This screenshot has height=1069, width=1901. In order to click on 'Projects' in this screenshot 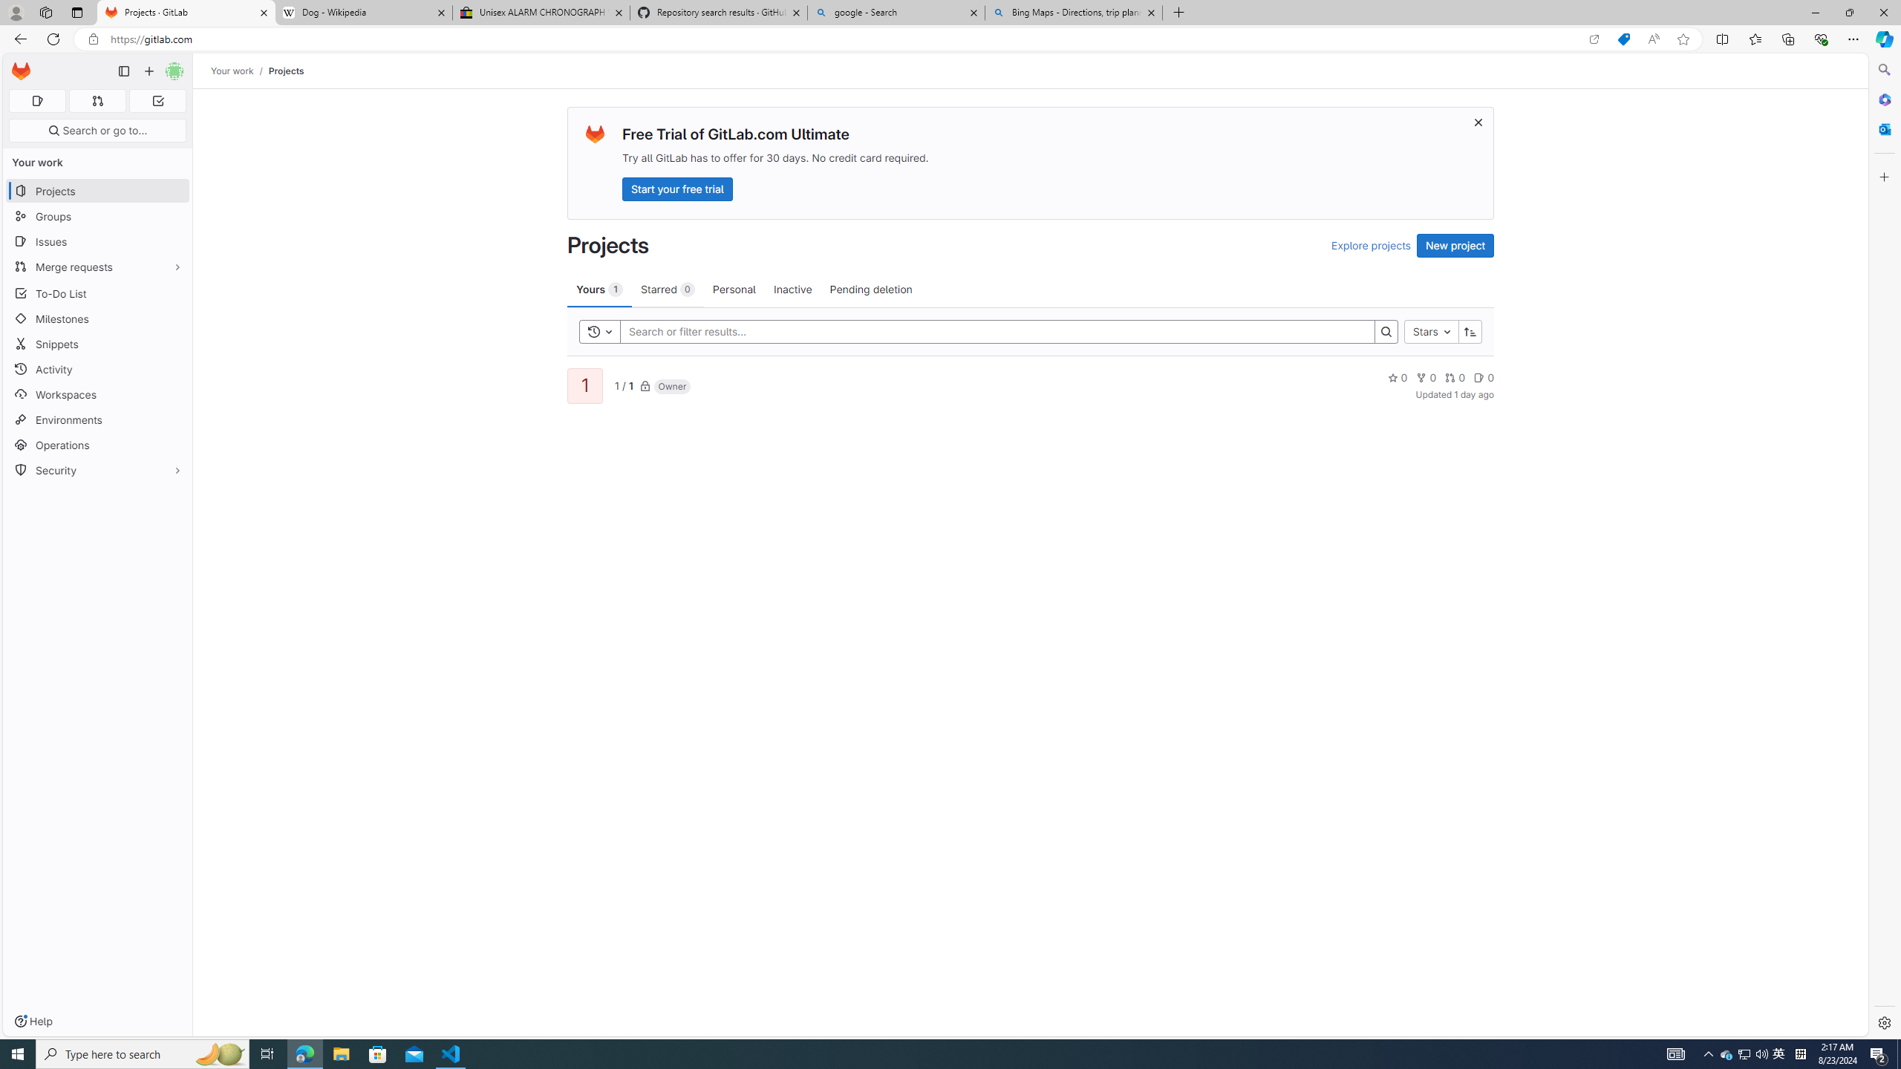, I will do `click(285, 71)`.